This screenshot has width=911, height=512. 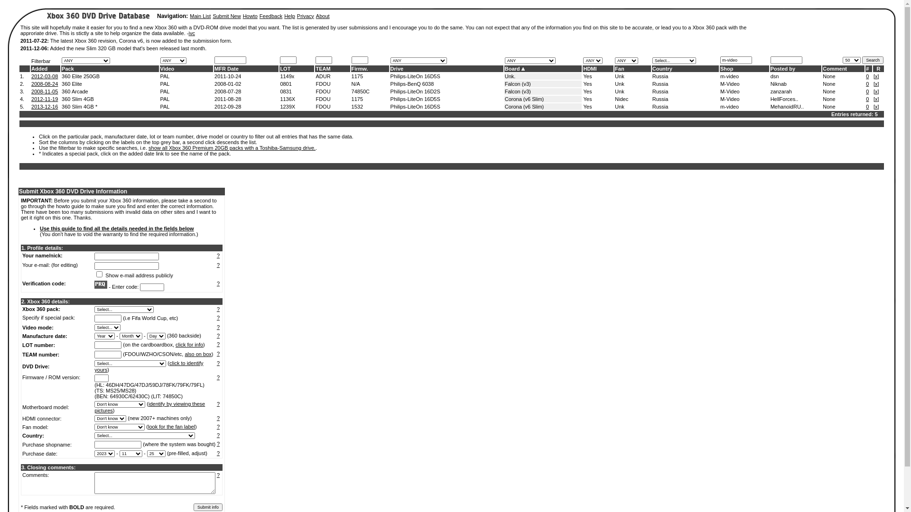 What do you see at coordinates (517, 91) in the screenshot?
I see `'Falcon (v3)'` at bounding box center [517, 91].